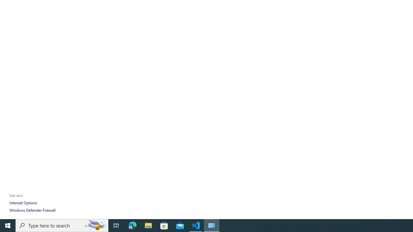 The image size is (413, 232). Describe the element at coordinates (212, 225) in the screenshot. I see `'Control Panel - 1 running window'` at that location.